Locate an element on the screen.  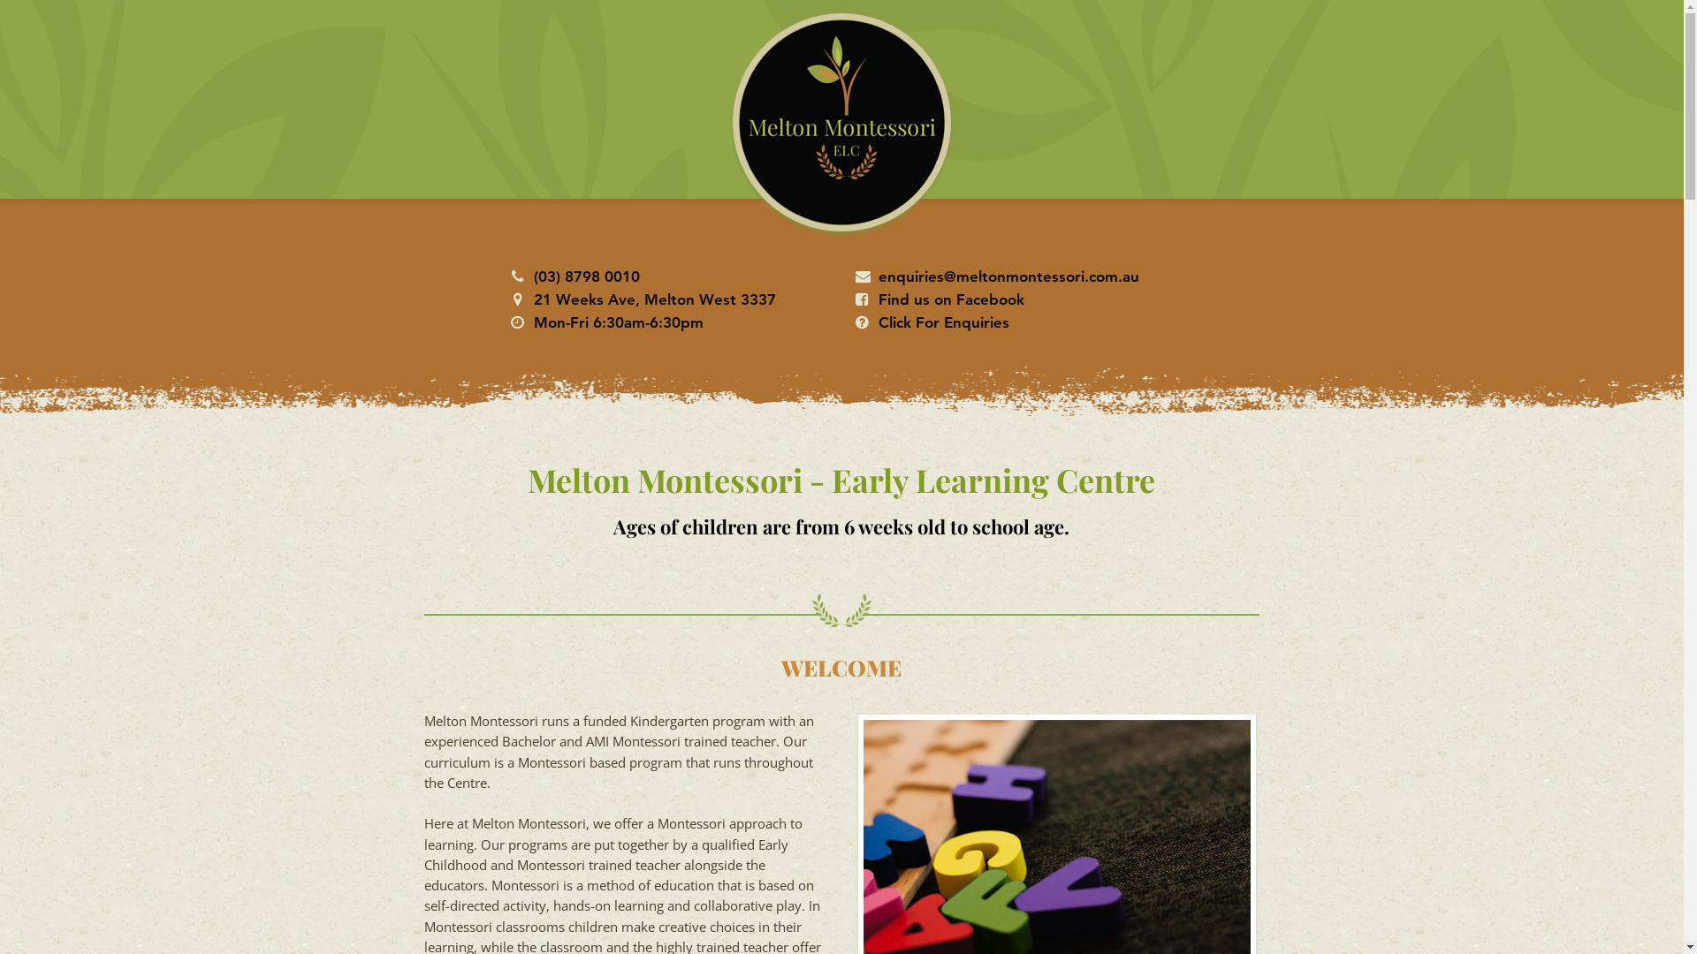
'enquiries@meltonmontessori.com.au' is located at coordinates (1008, 276).